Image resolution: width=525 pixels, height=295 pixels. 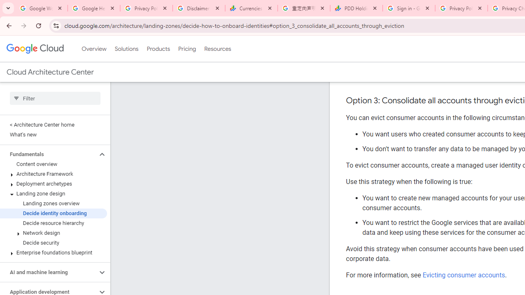 What do you see at coordinates (53, 164) in the screenshot?
I see `'Content overview'` at bounding box center [53, 164].